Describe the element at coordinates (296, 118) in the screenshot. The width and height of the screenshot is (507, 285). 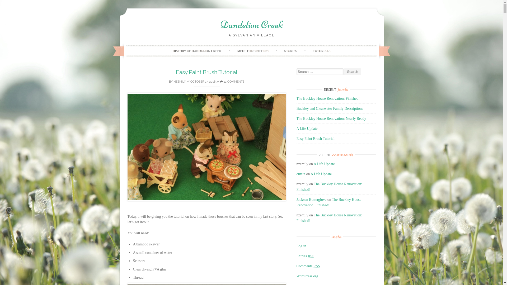
I see `'The Buckley House Renovation: Nearly Ready'` at that location.